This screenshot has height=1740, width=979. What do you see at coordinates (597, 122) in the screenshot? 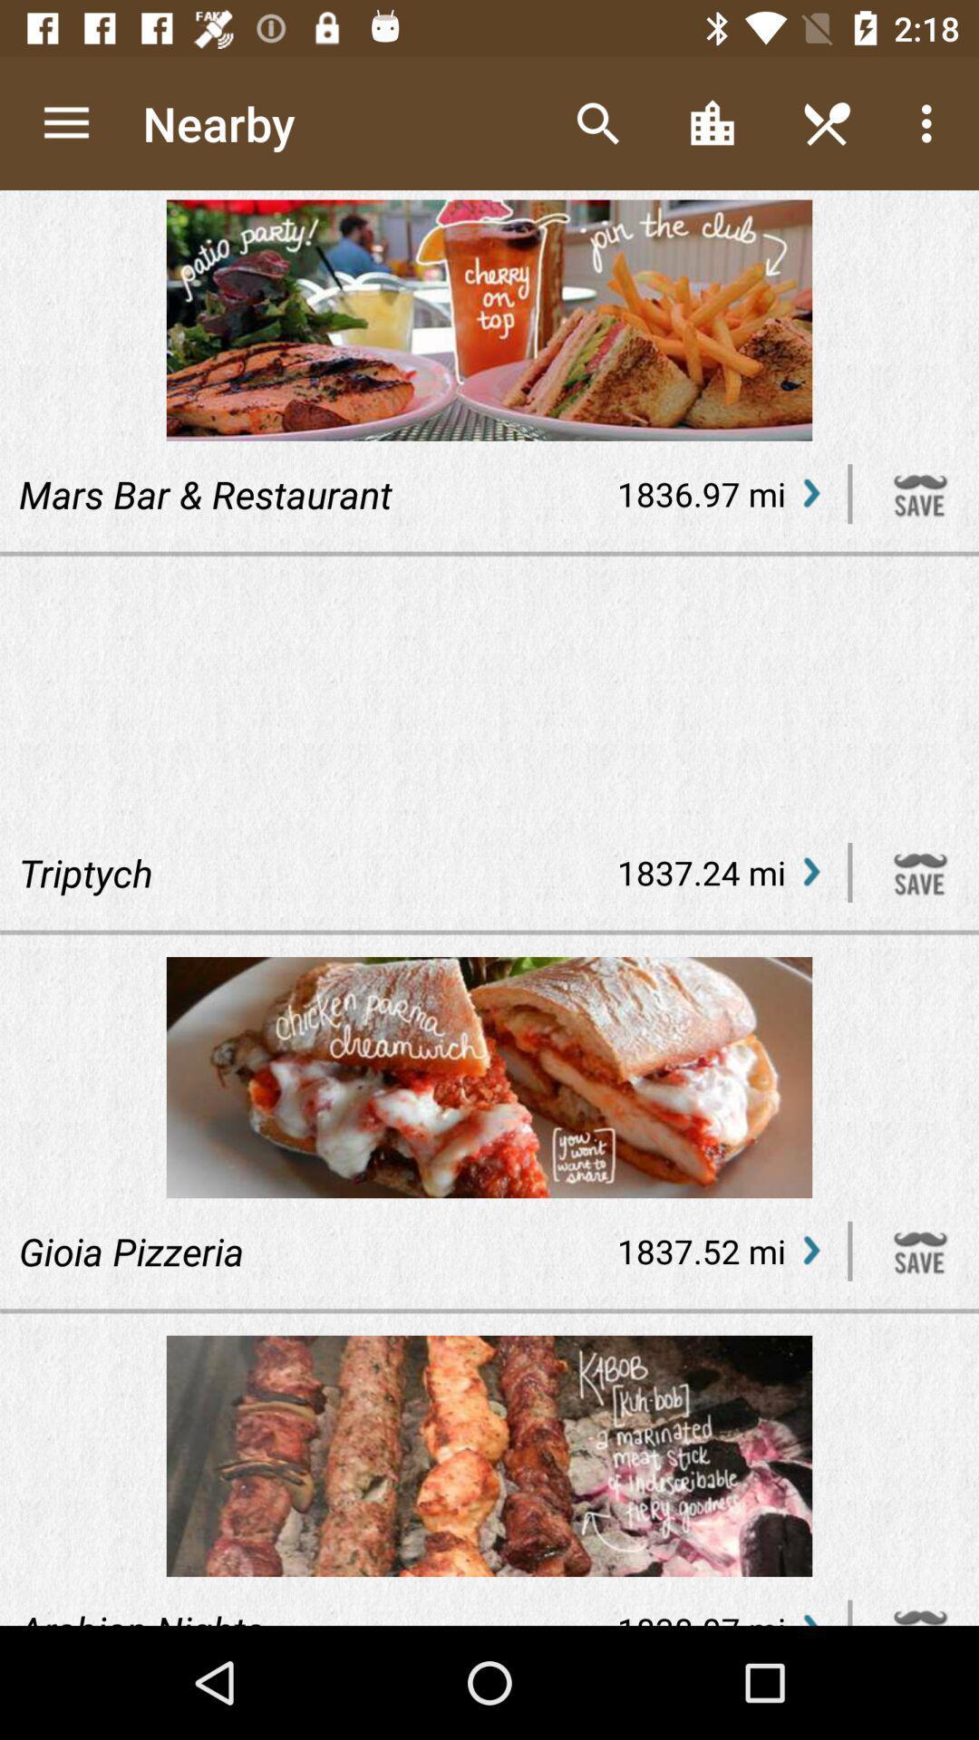
I see `the icon to the right of nearby app` at bounding box center [597, 122].